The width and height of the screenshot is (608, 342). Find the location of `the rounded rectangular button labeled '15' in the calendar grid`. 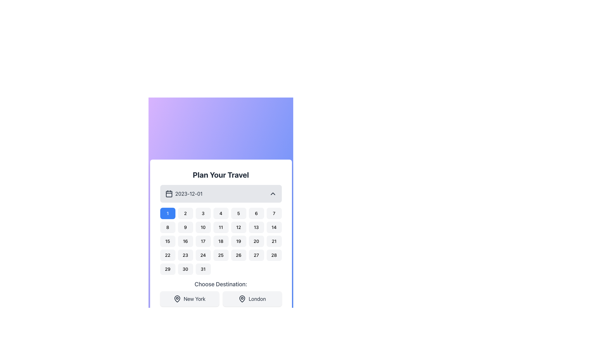

the rounded rectangular button labeled '15' in the calendar grid is located at coordinates (168, 241).